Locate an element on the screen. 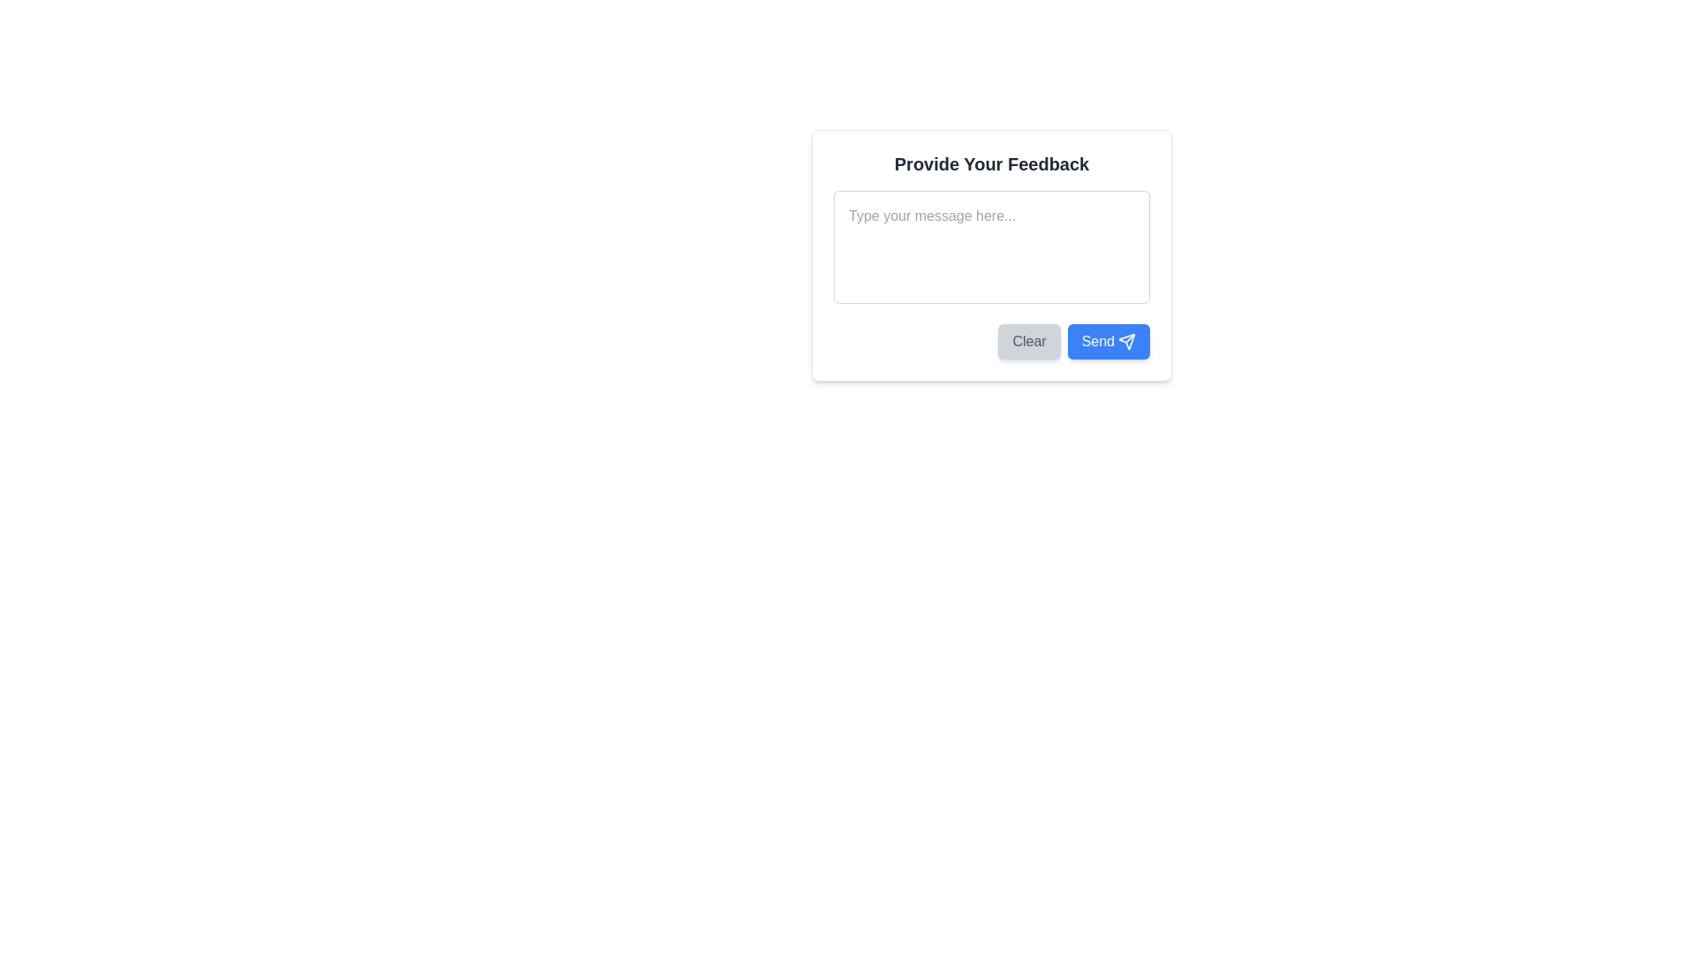 The height and width of the screenshot is (954, 1696). the clear button located in the bottom-right area of the interface is located at coordinates (1029, 341).